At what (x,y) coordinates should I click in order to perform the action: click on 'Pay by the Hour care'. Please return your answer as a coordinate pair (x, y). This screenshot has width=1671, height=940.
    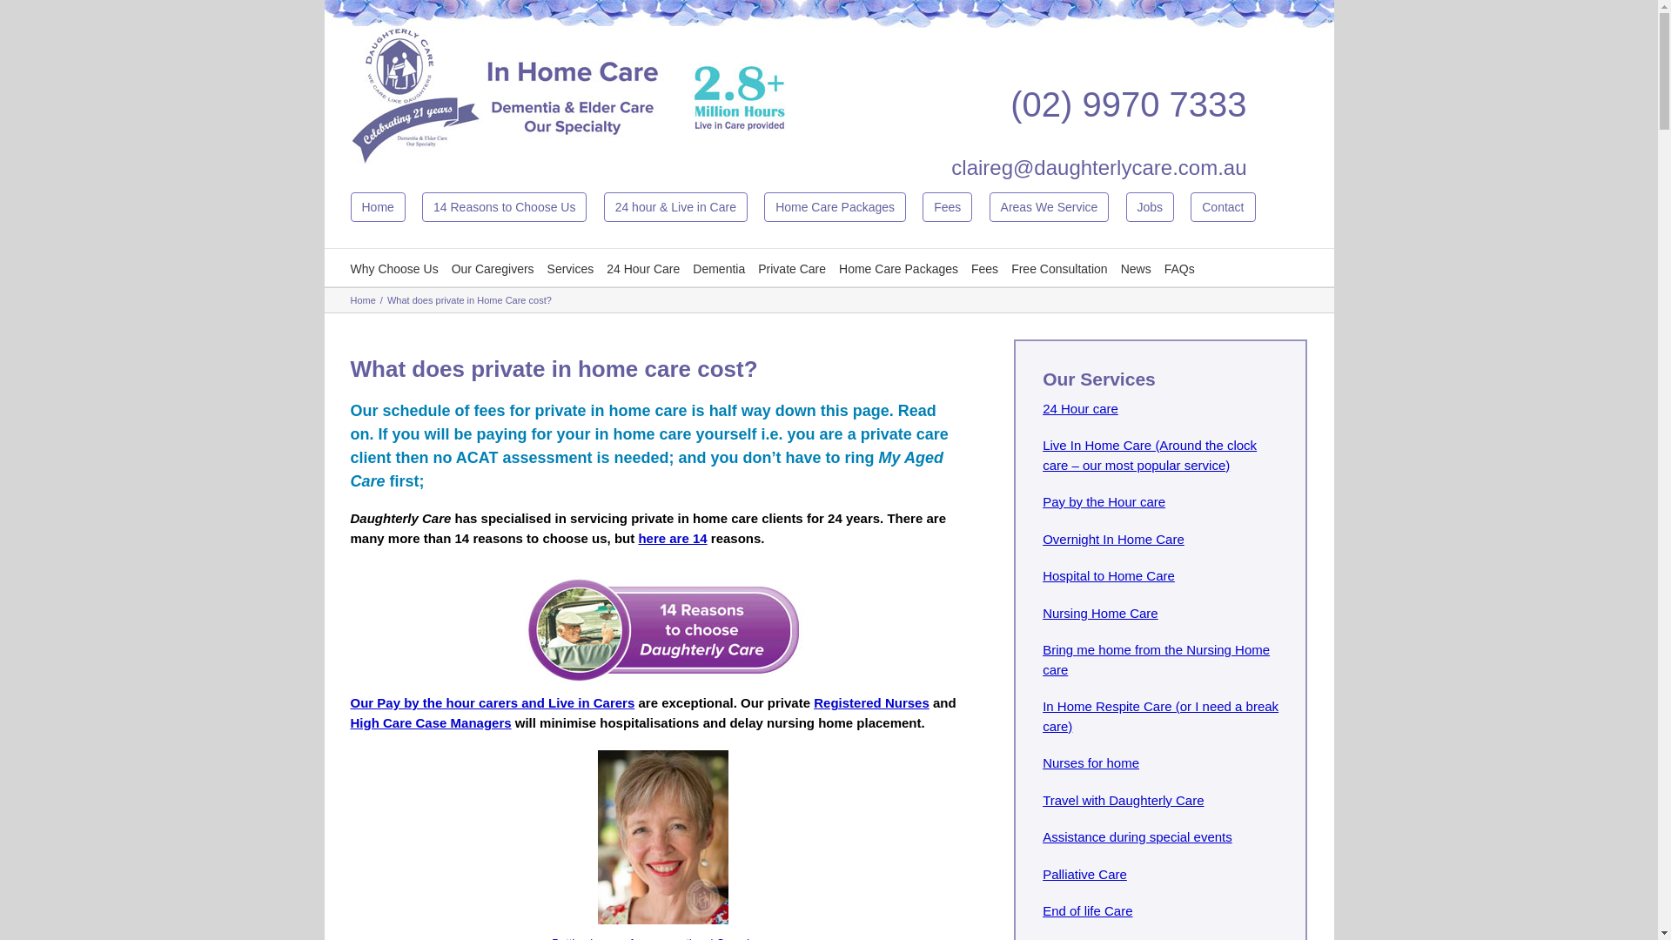
    Looking at the image, I should click on (1103, 501).